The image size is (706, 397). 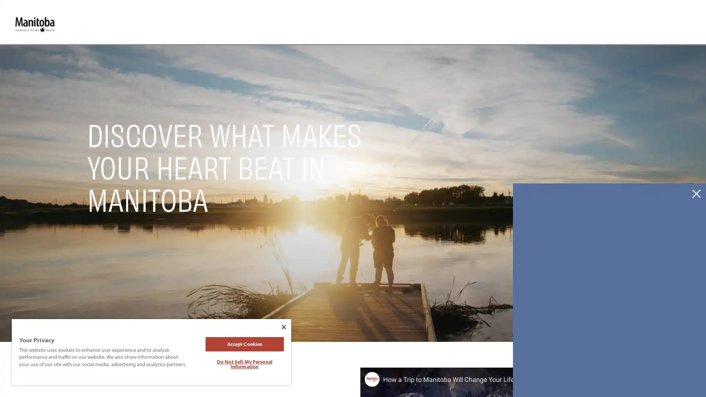 What do you see at coordinates (244, 364) in the screenshot?
I see `Do Not Sell My Personal Information` at bounding box center [244, 364].